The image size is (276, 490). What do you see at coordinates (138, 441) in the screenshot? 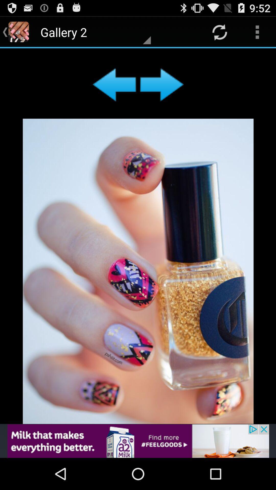
I see `advertisement` at bounding box center [138, 441].